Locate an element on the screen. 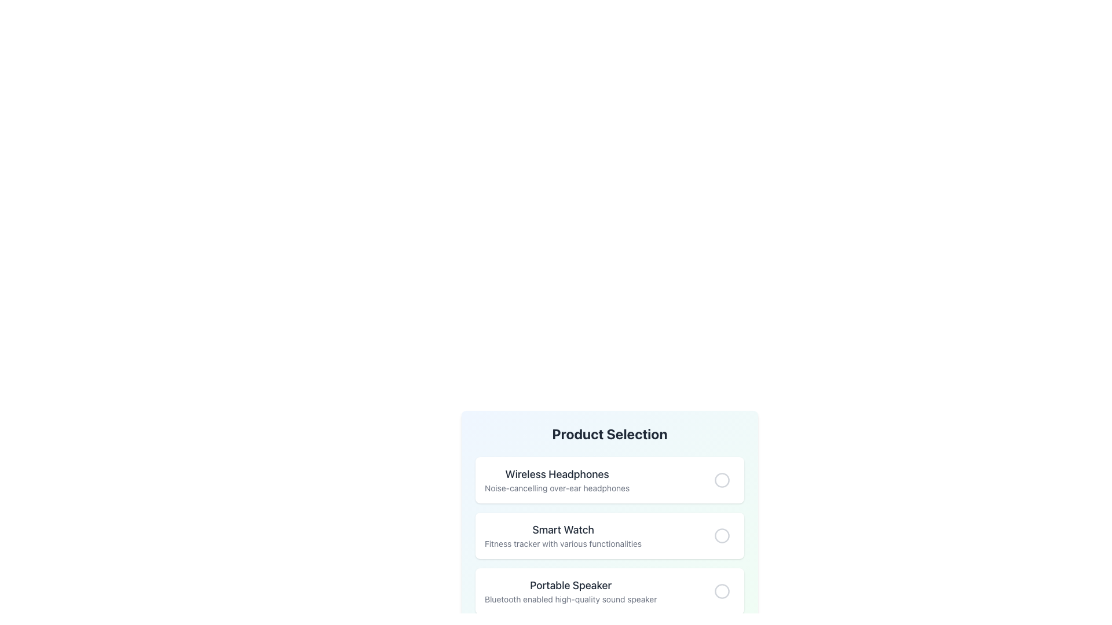  the radio button located at the right end of the list item associated with the 'Wireless Headphones' title in the Product Selection interface is located at coordinates (722, 480).